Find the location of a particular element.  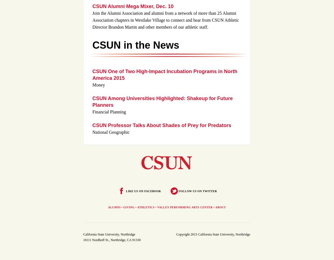

'Join the Alumni Association and alumni from a network of more than 25 Alumni Association chapters in Westlake Village to connect and hear from CSUN Athletic Director Brandon Martin and other members of our athletic staff.' is located at coordinates (92, 20).